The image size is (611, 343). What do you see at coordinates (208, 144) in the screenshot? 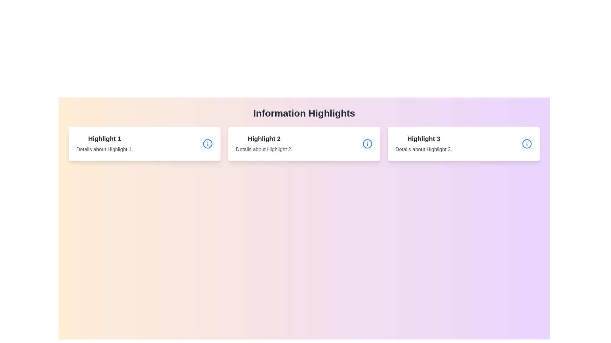
I see `the Circle SVG graphical element located within the rightmost portion of the 'Highlight 1' card, which serves as a decorative or functional component of the icon` at bounding box center [208, 144].